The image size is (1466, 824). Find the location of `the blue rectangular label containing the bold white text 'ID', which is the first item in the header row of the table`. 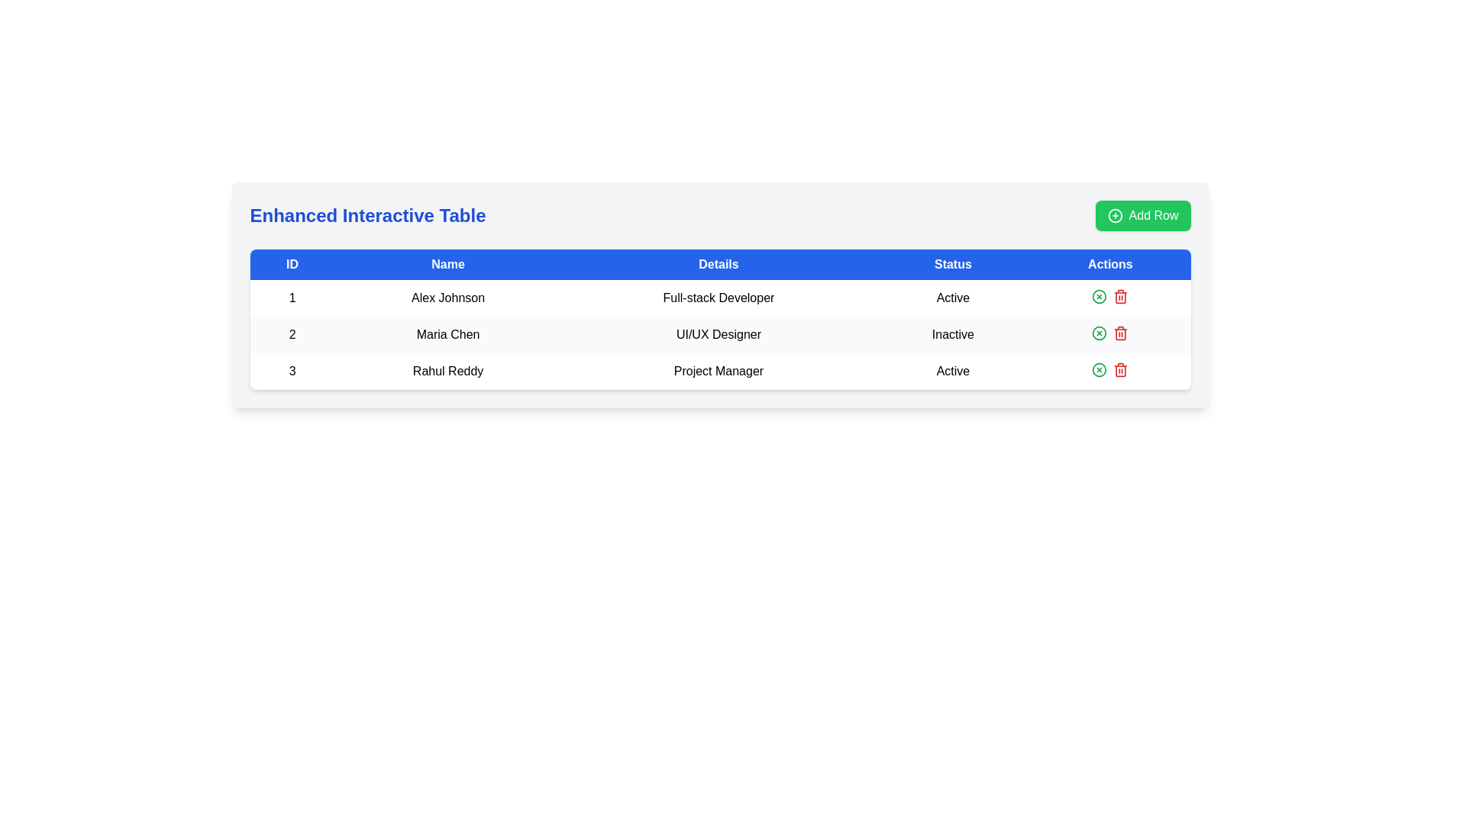

the blue rectangular label containing the bold white text 'ID', which is the first item in the header row of the table is located at coordinates (292, 264).